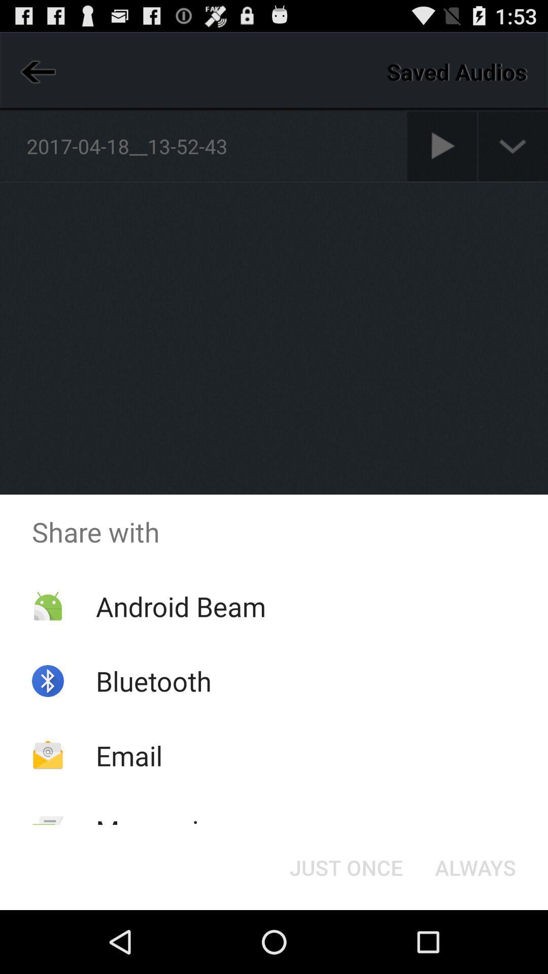 This screenshot has height=974, width=548. Describe the element at coordinates (154, 681) in the screenshot. I see `the bluetooth icon` at that location.